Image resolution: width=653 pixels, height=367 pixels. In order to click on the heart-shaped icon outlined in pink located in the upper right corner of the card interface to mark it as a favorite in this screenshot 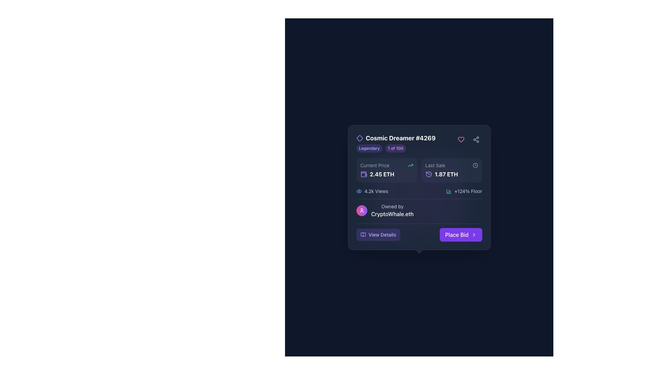, I will do `click(461, 139)`.